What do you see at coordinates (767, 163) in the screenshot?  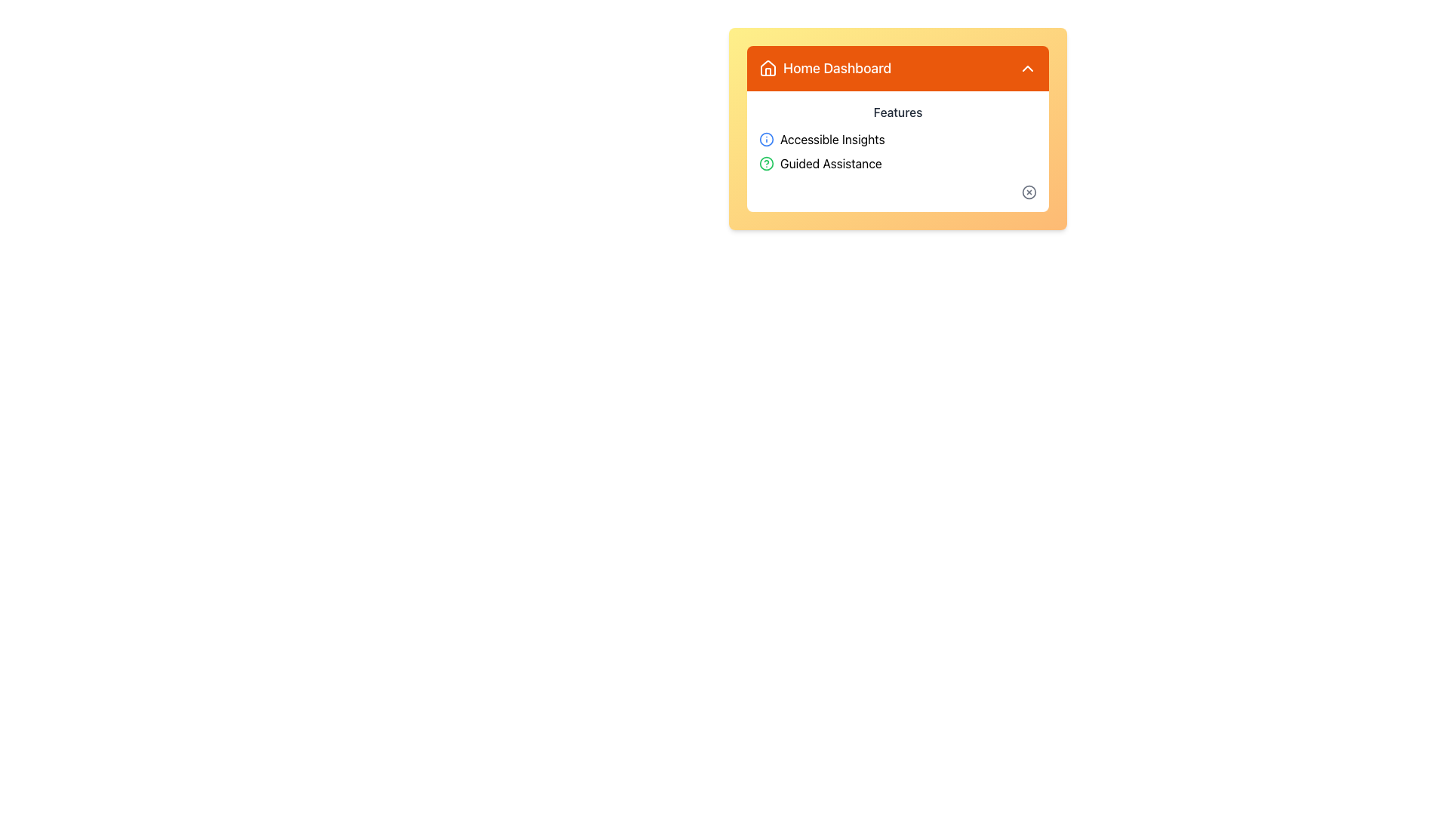 I see `the circular icon representing 'Guided Assistance' located under the 'Features' section of the 'Home Dashboard'` at bounding box center [767, 163].